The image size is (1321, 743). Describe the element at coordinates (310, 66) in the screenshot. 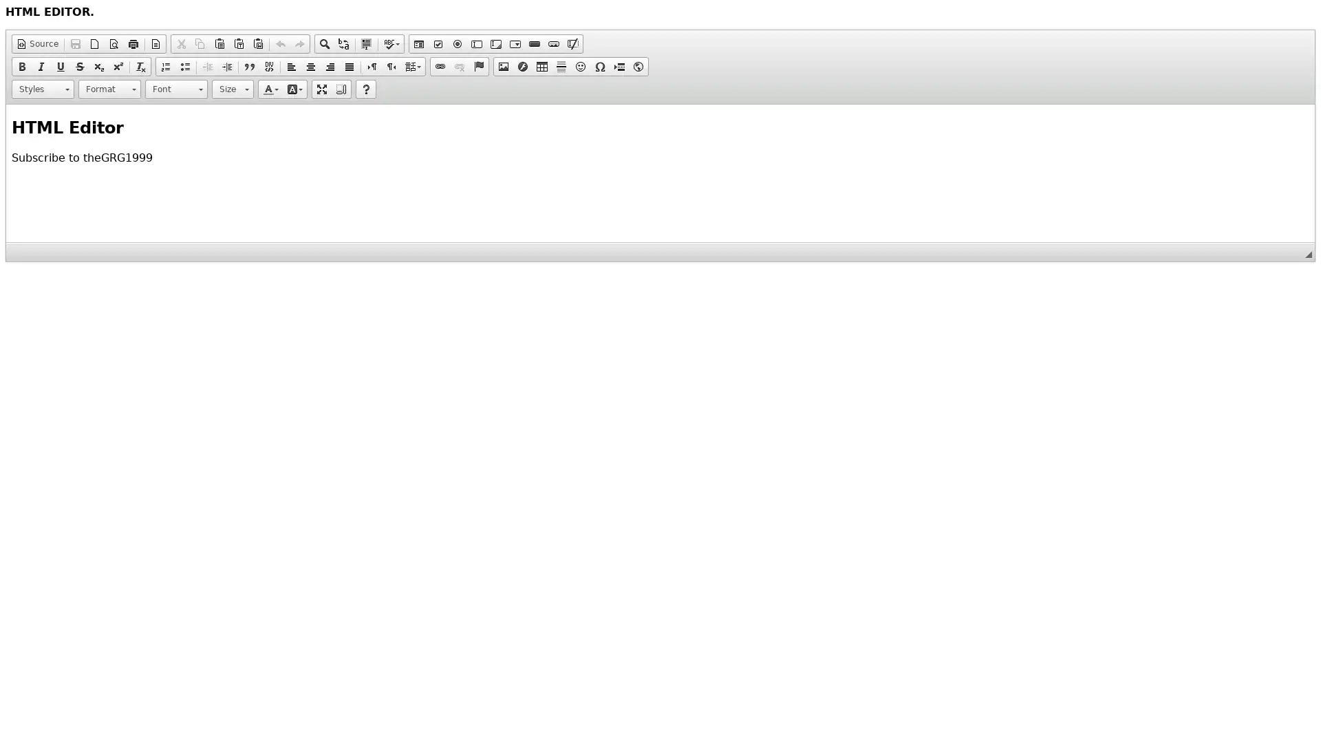

I see `Center` at that location.